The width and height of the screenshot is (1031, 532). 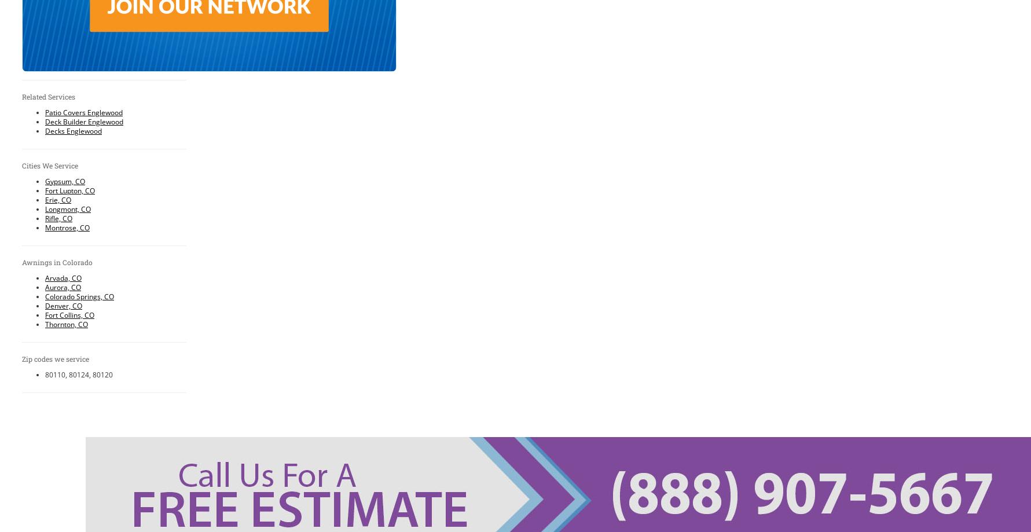 I want to click on 'Montrose, CO', so click(x=45, y=227).